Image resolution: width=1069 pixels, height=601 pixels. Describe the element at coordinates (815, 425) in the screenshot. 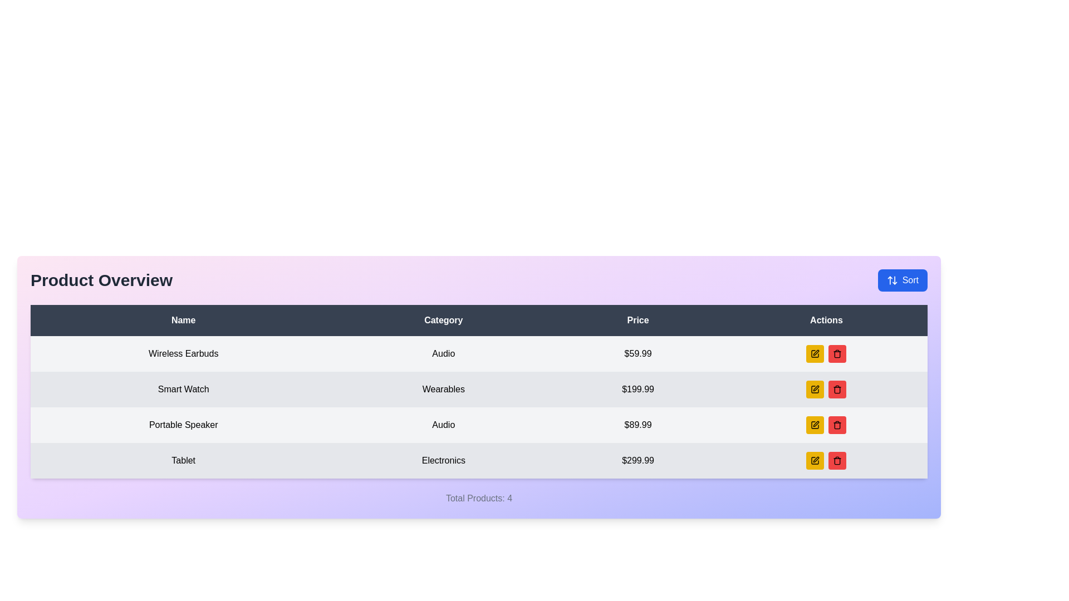

I see `the yellow rounded square button with a black pen icon to initiate an edit action in the 'Actions' column for 'Portable Speaker'` at that location.